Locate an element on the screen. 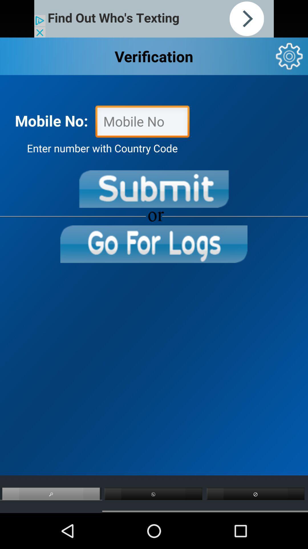 This screenshot has height=549, width=308. go for logs button is located at coordinates (153, 244).